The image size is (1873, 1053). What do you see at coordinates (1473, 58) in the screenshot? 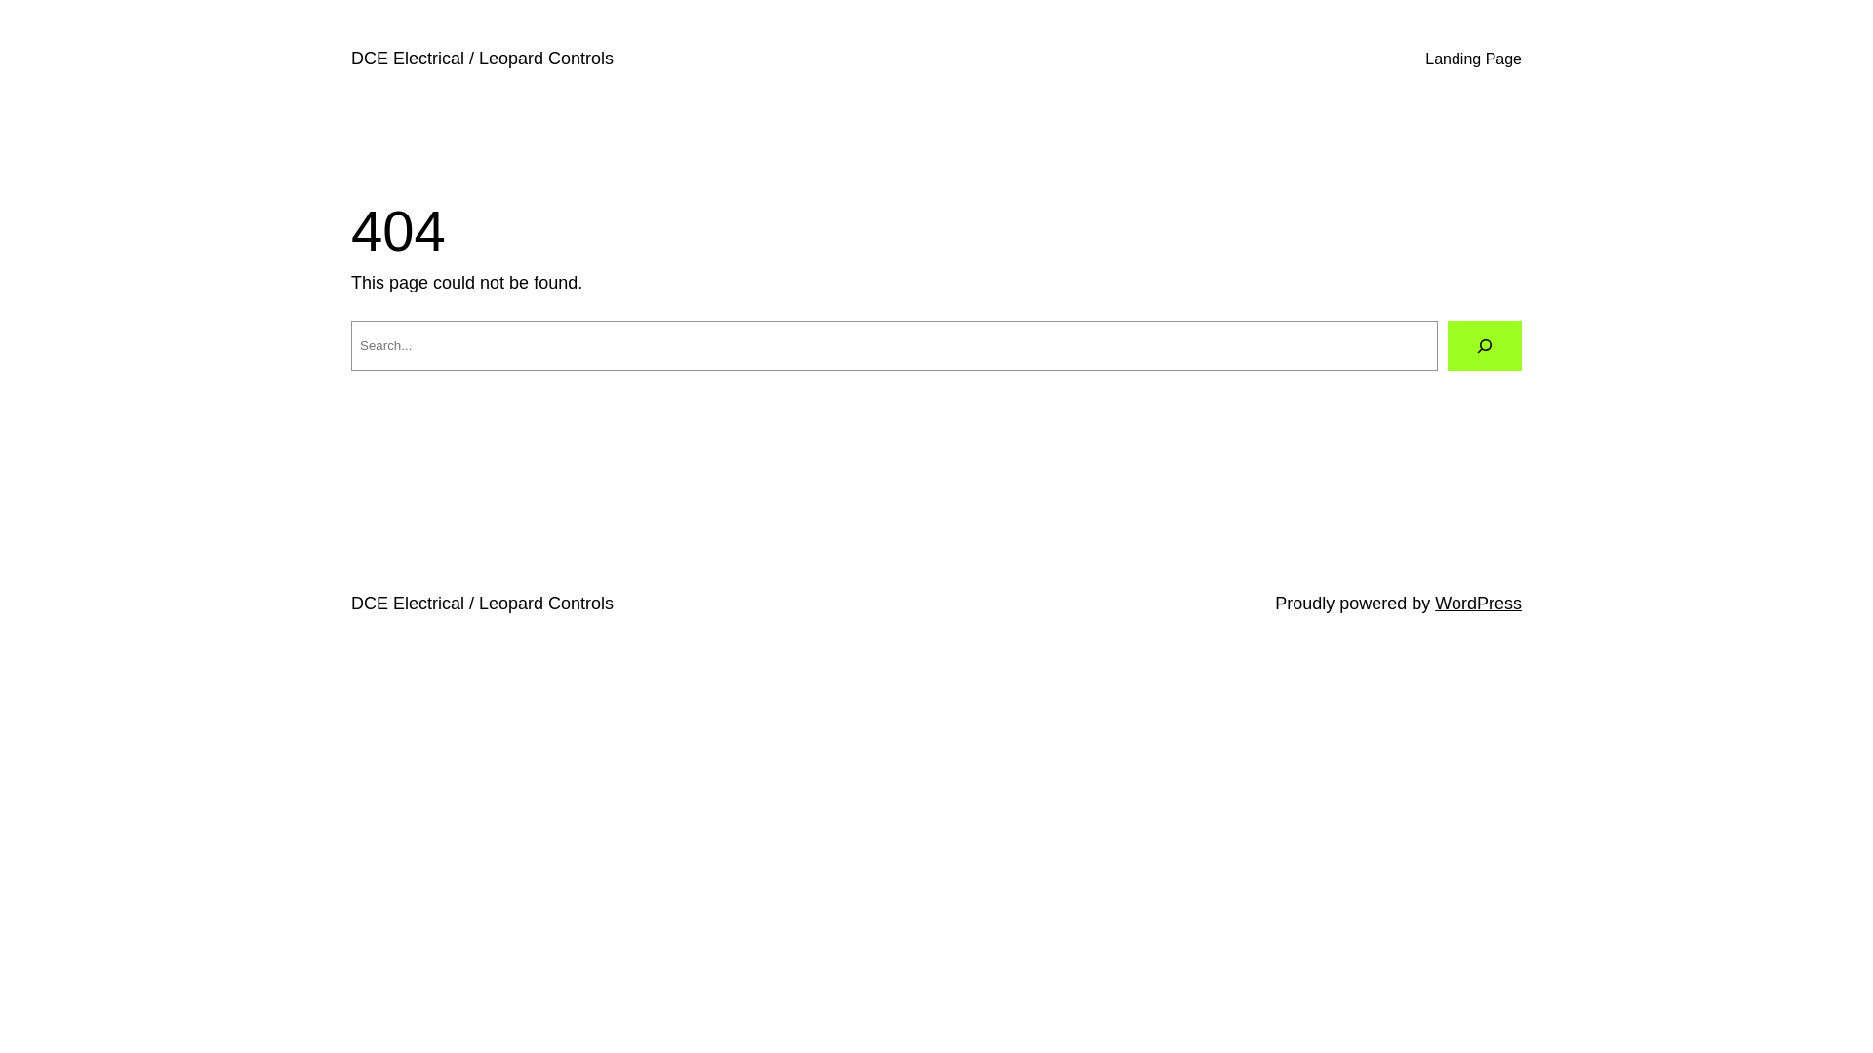
I see `'Landing Page'` at bounding box center [1473, 58].